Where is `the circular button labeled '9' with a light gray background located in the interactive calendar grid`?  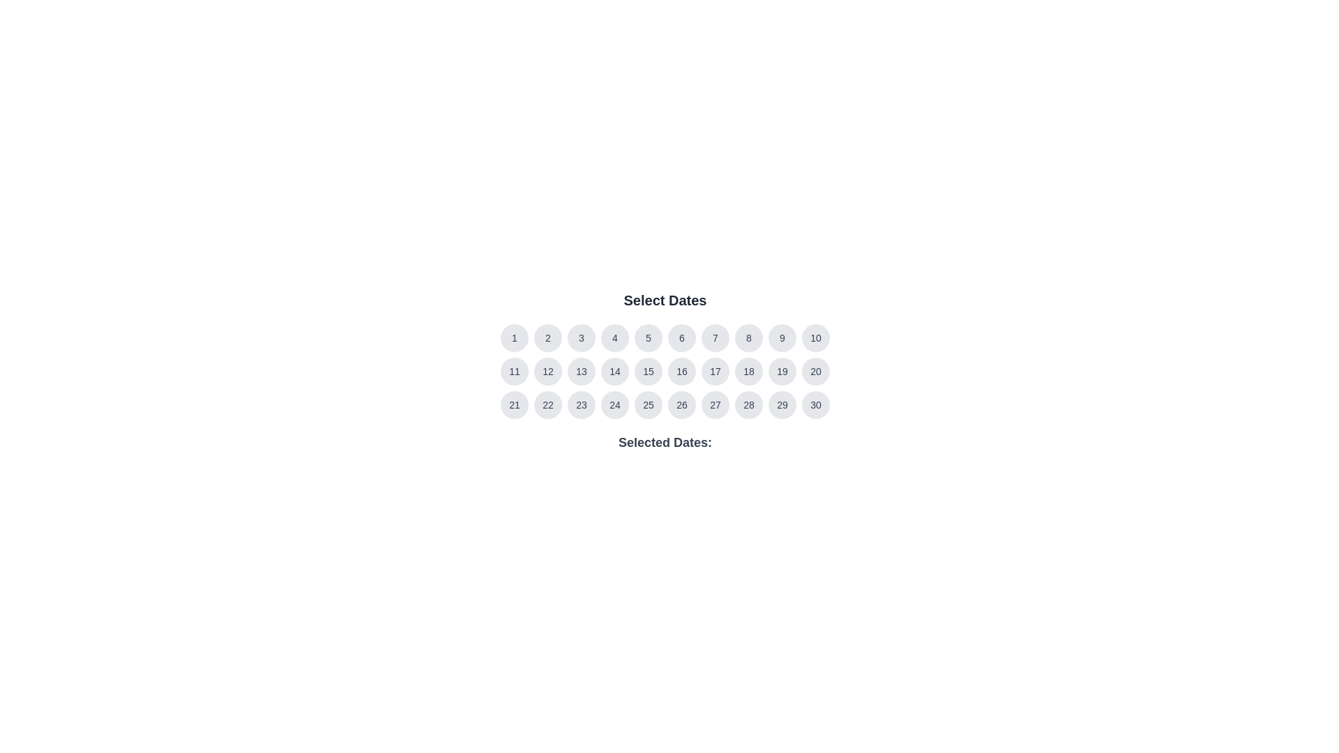
the circular button labeled '9' with a light gray background located in the interactive calendar grid is located at coordinates (782, 338).